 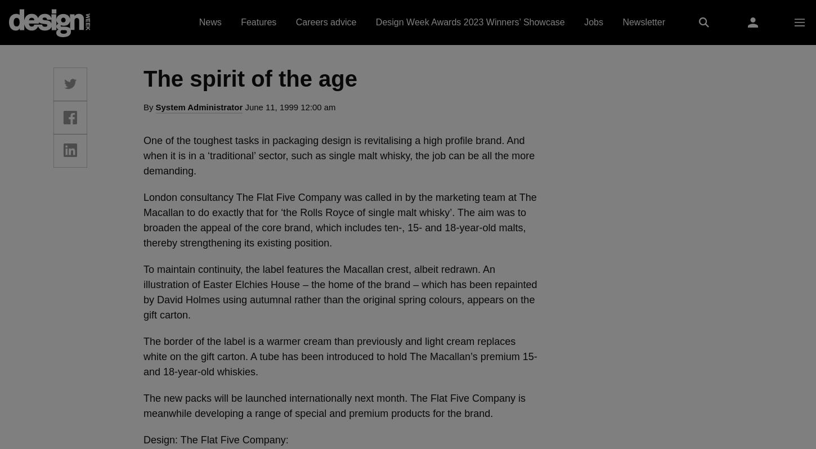 What do you see at coordinates (295, 22) in the screenshot?
I see `'Careers advice'` at bounding box center [295, 22].